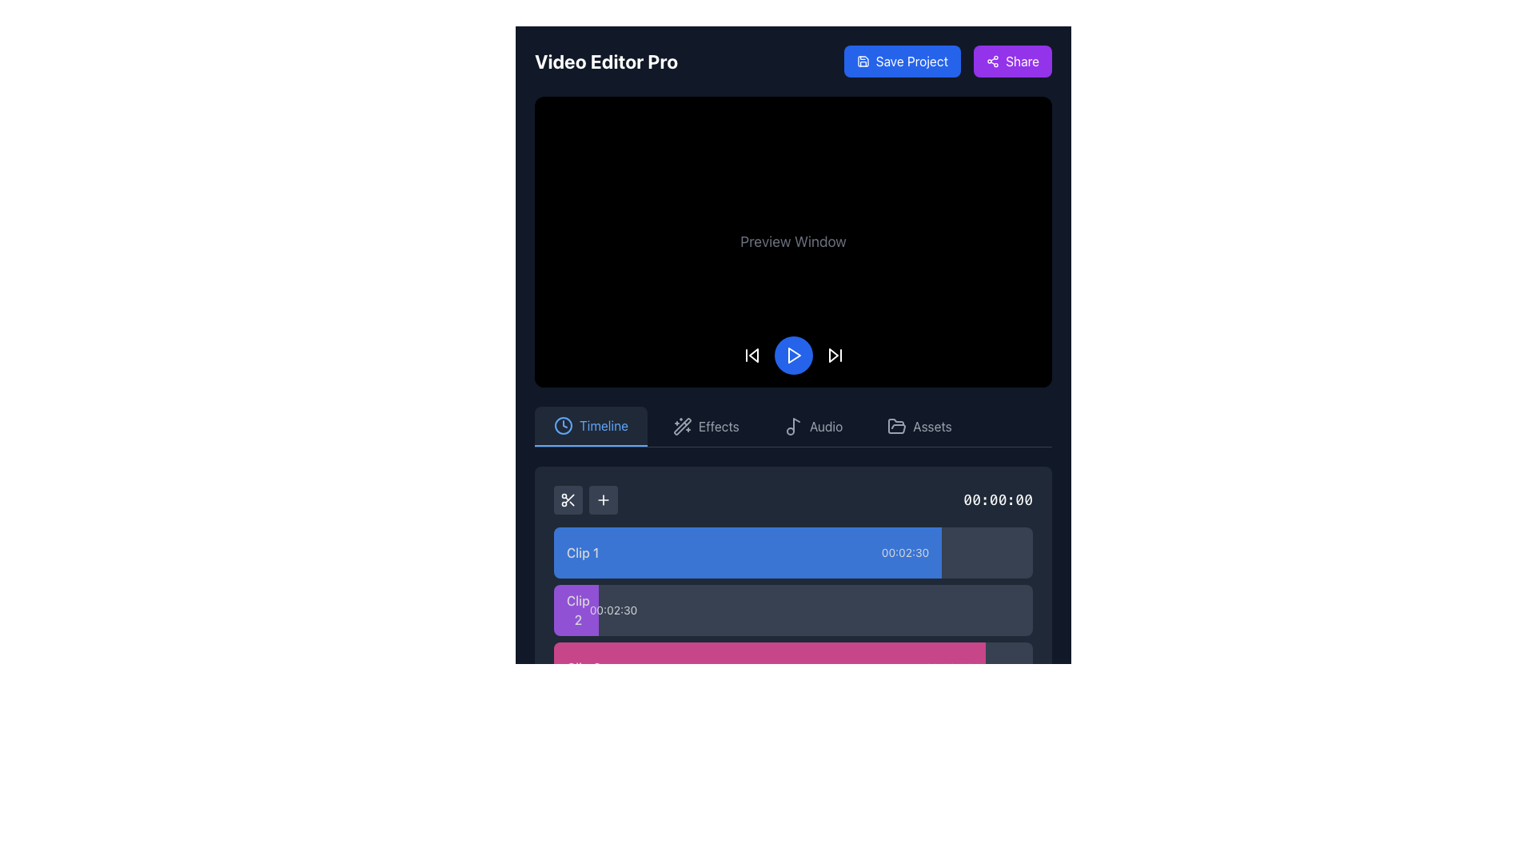 This screenshot has width=1535, height=863. I want to click on the Timeline Clip Bar located in the bottom-most timeline slot, so click(769, 667).